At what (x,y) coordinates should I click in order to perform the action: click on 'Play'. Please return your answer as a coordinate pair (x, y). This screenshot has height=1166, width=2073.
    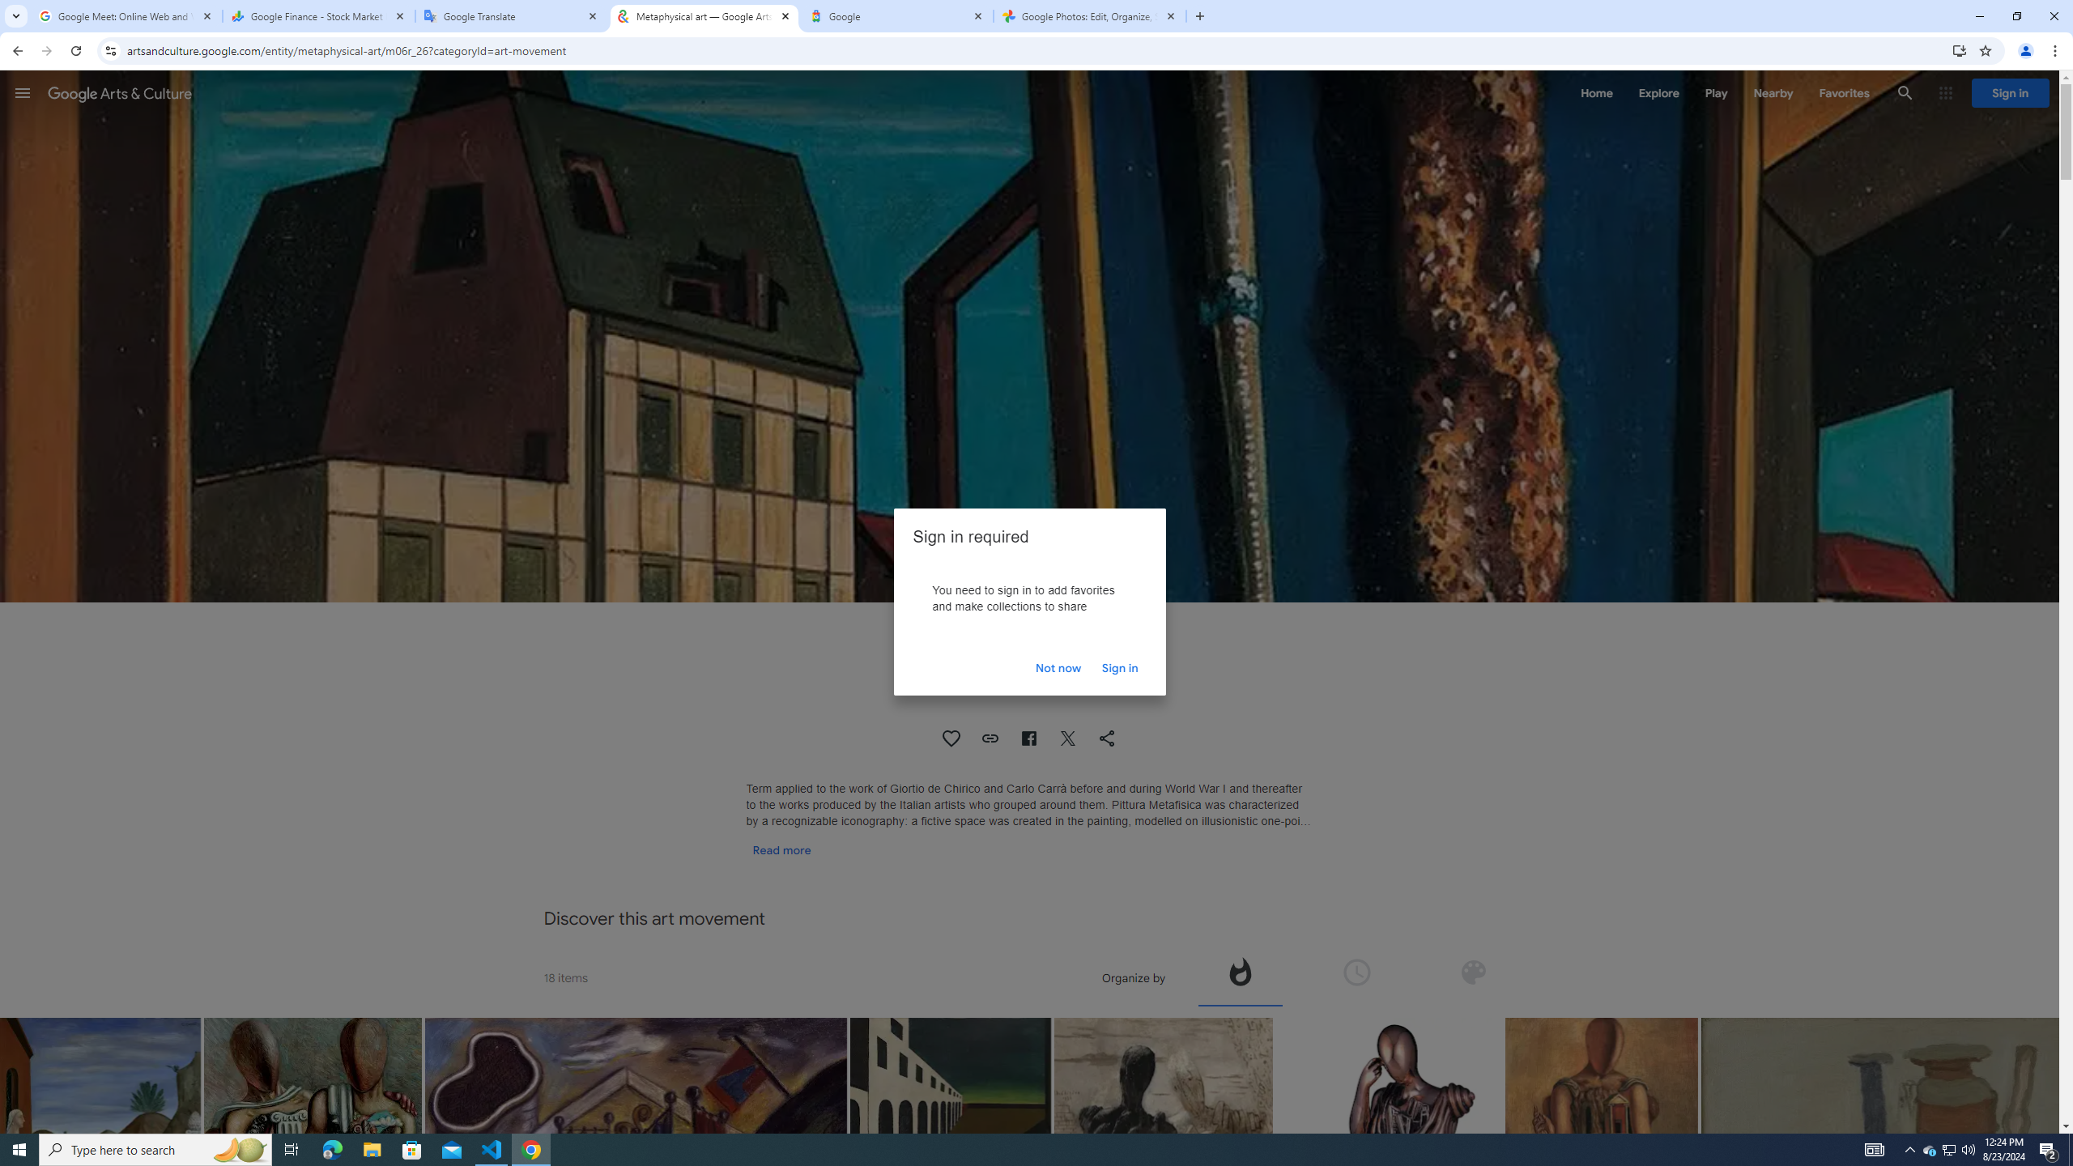
    Looking at the image, I should click on (1716, 92).